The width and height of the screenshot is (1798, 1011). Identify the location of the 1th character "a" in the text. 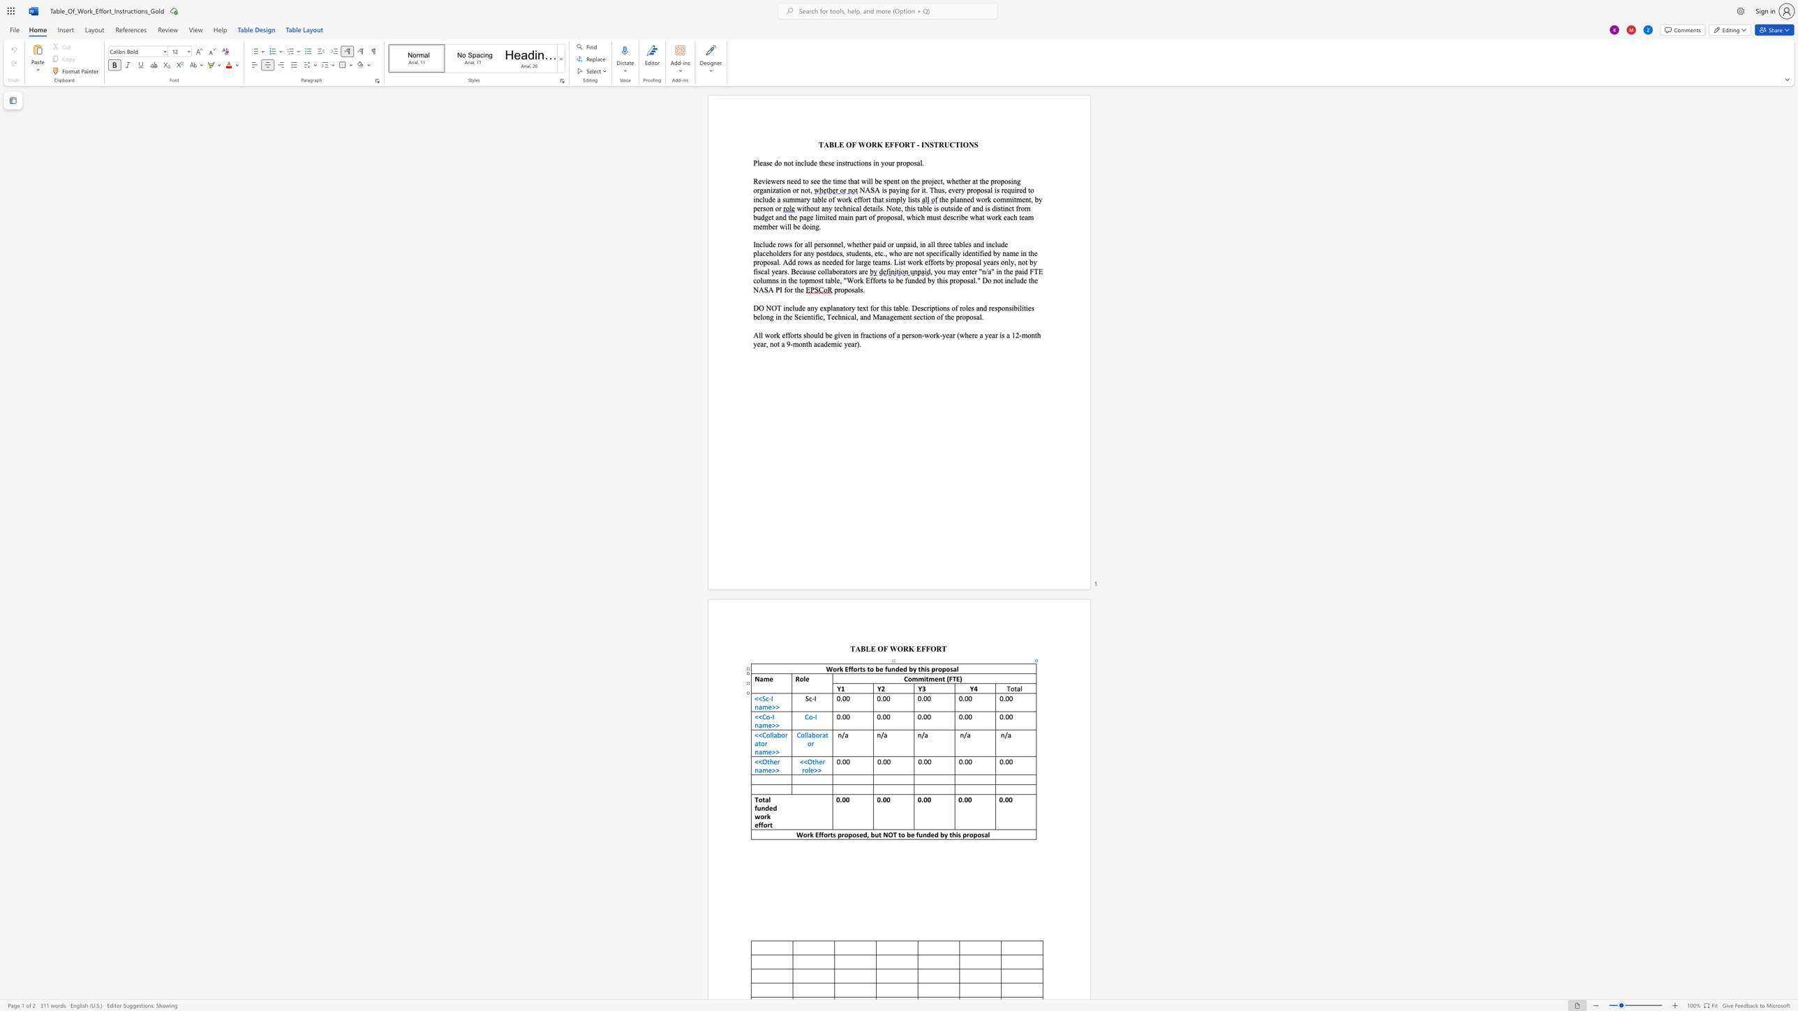
(760, 706).